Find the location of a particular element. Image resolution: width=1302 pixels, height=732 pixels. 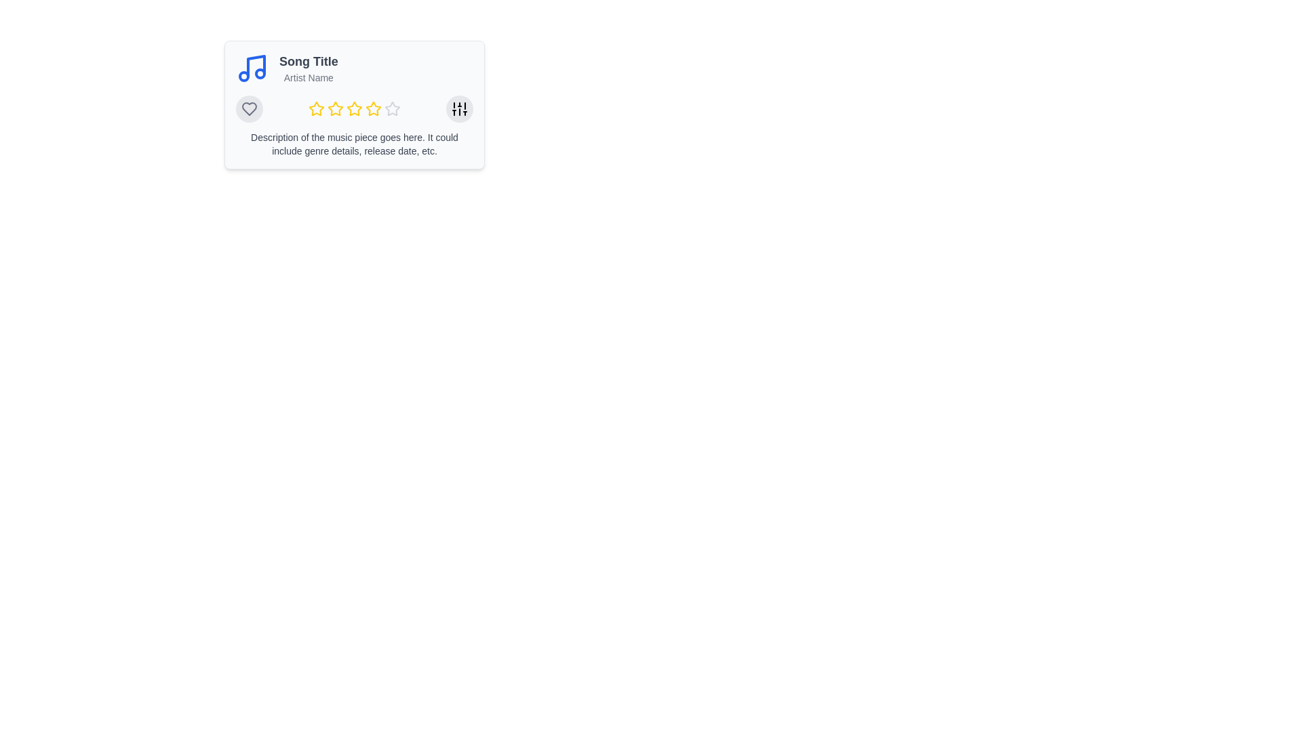

the heart-shaped icon outlined in dark gray, located within a circular button with a light gray background is located at coordinates (250, 108).